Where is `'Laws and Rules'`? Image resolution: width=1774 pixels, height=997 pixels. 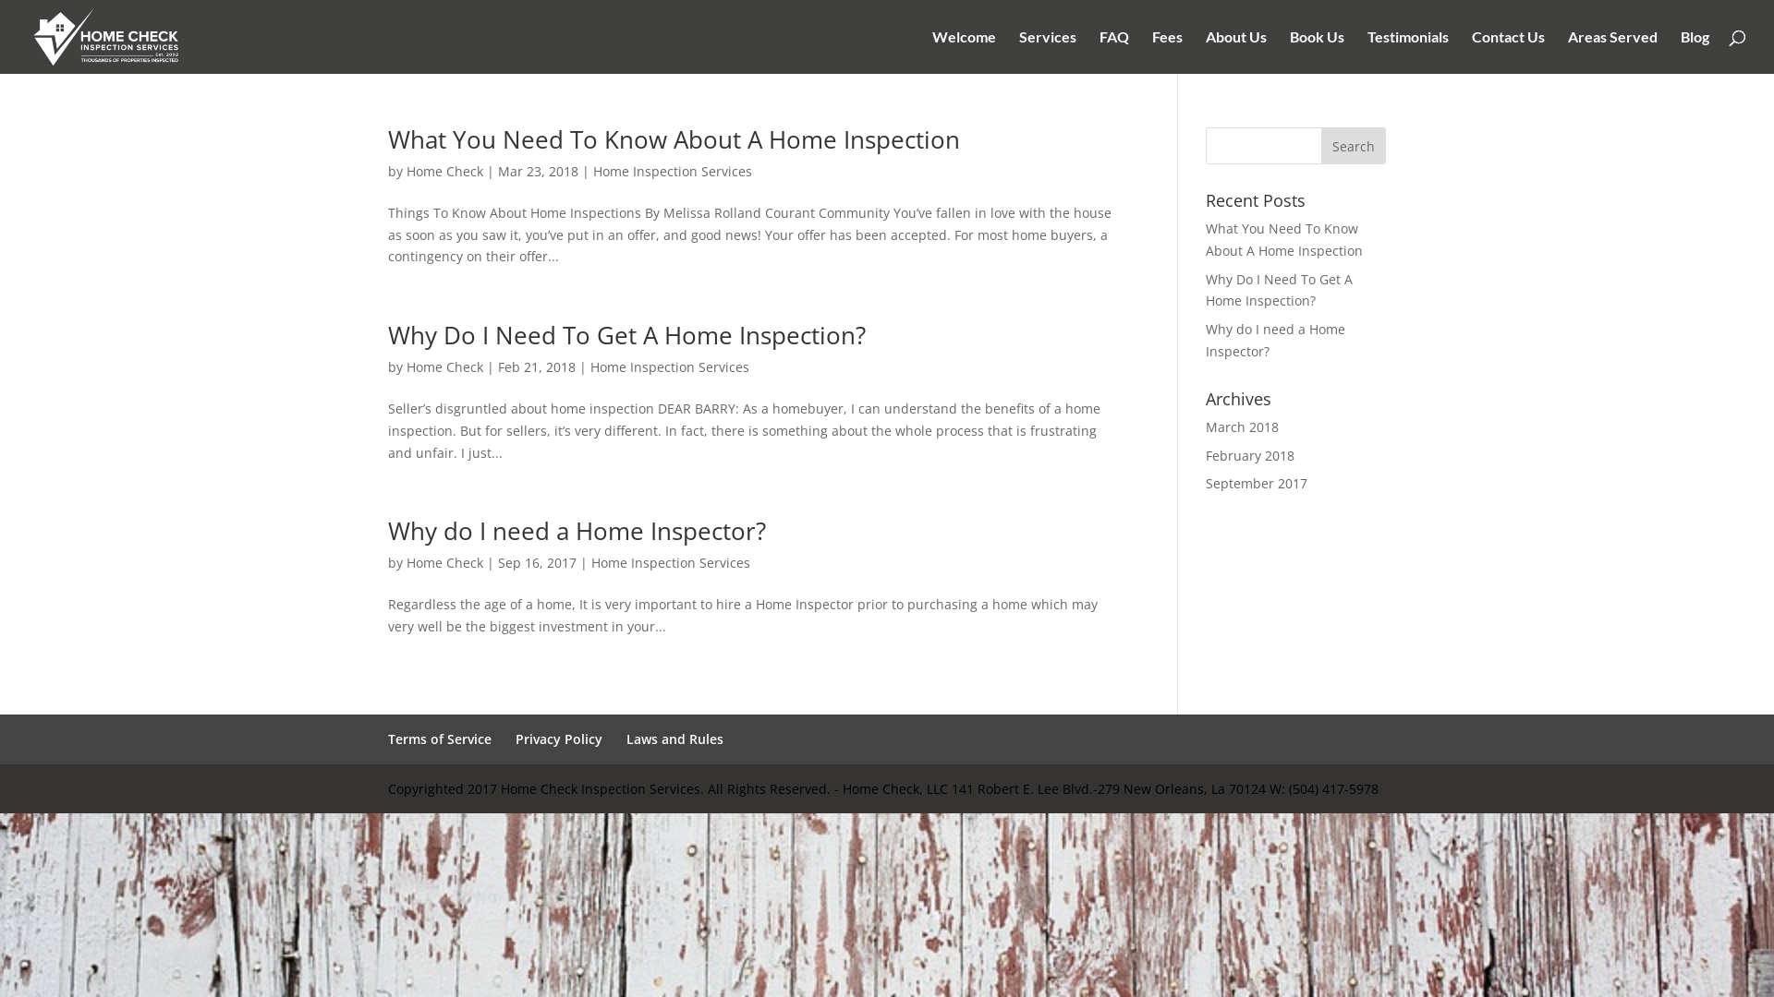 'Laws and Rules' is located at coordinates (674, 738).